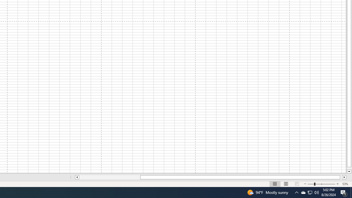 This screenshot has height=198, width=352. What do you see at coordinates (321, 184) in the screenshot?
I see `'Zoom'` at bounding box center [321, 184].